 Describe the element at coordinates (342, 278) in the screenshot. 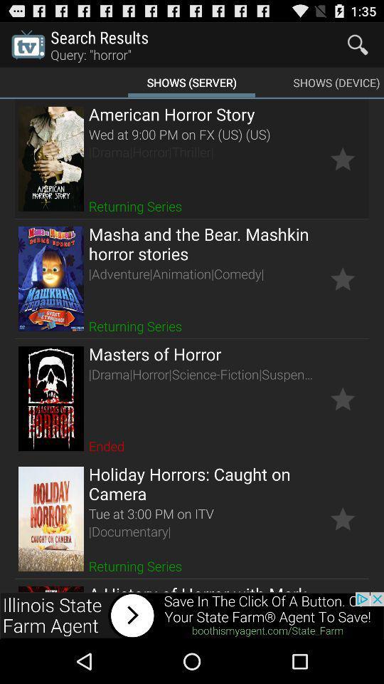

I see `the star symbol` at that location.